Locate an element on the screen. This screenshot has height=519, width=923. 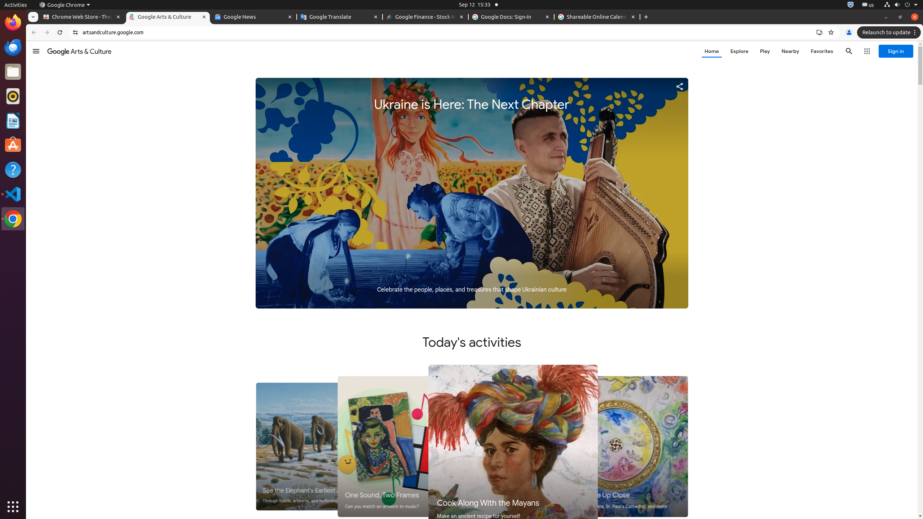
':1.21/StatusNotifierItem' is located at coordinates (867, 4).